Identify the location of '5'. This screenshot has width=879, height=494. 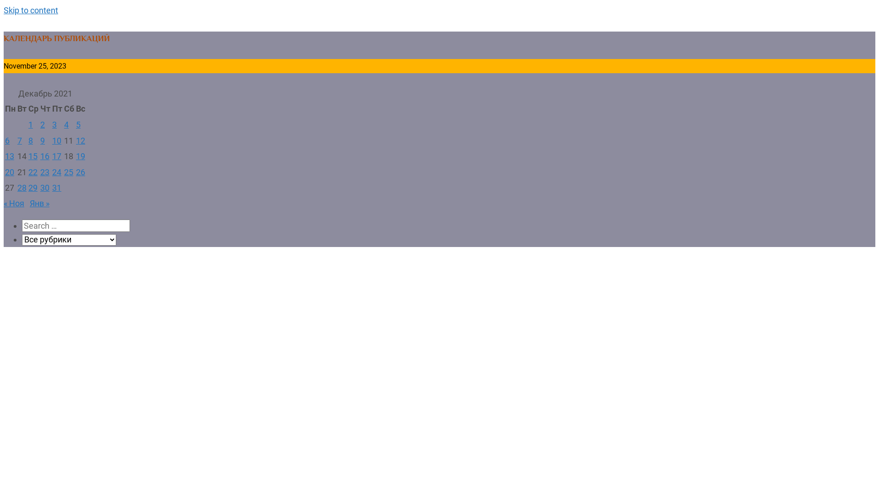
(78, 124).